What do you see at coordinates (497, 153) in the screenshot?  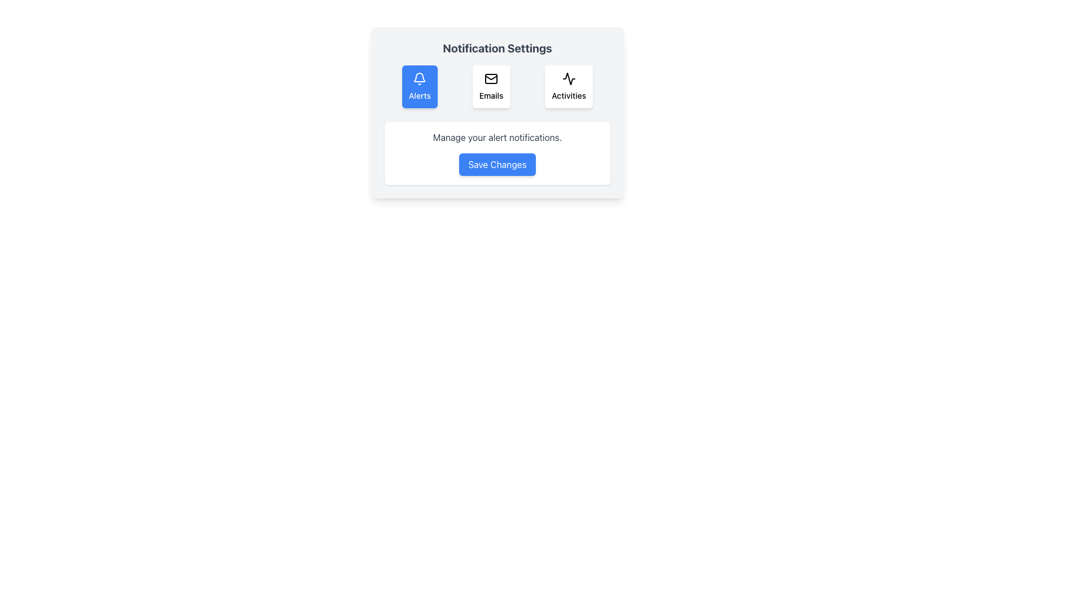 I see `the action button in the informational section below the 'Alerts,' 'Emails,' and 'Activities' text for additional visual feedback` at bounding box center [497, 153].